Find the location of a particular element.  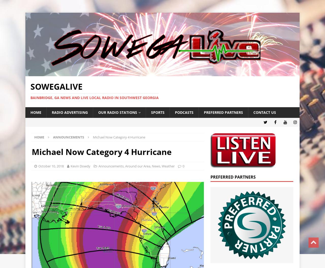

'October 10, 2018' is located at coordinates (51, 166).